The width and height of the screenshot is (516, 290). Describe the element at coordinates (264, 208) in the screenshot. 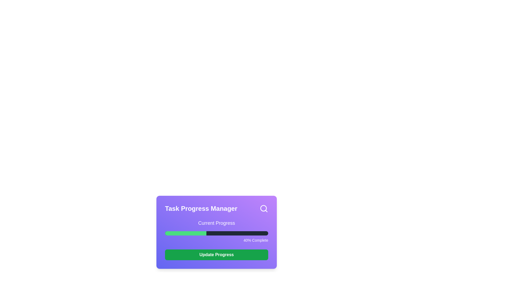

I see `the search action trigger icon located in the header section labeled 'Task Progress Manager'` at that location.